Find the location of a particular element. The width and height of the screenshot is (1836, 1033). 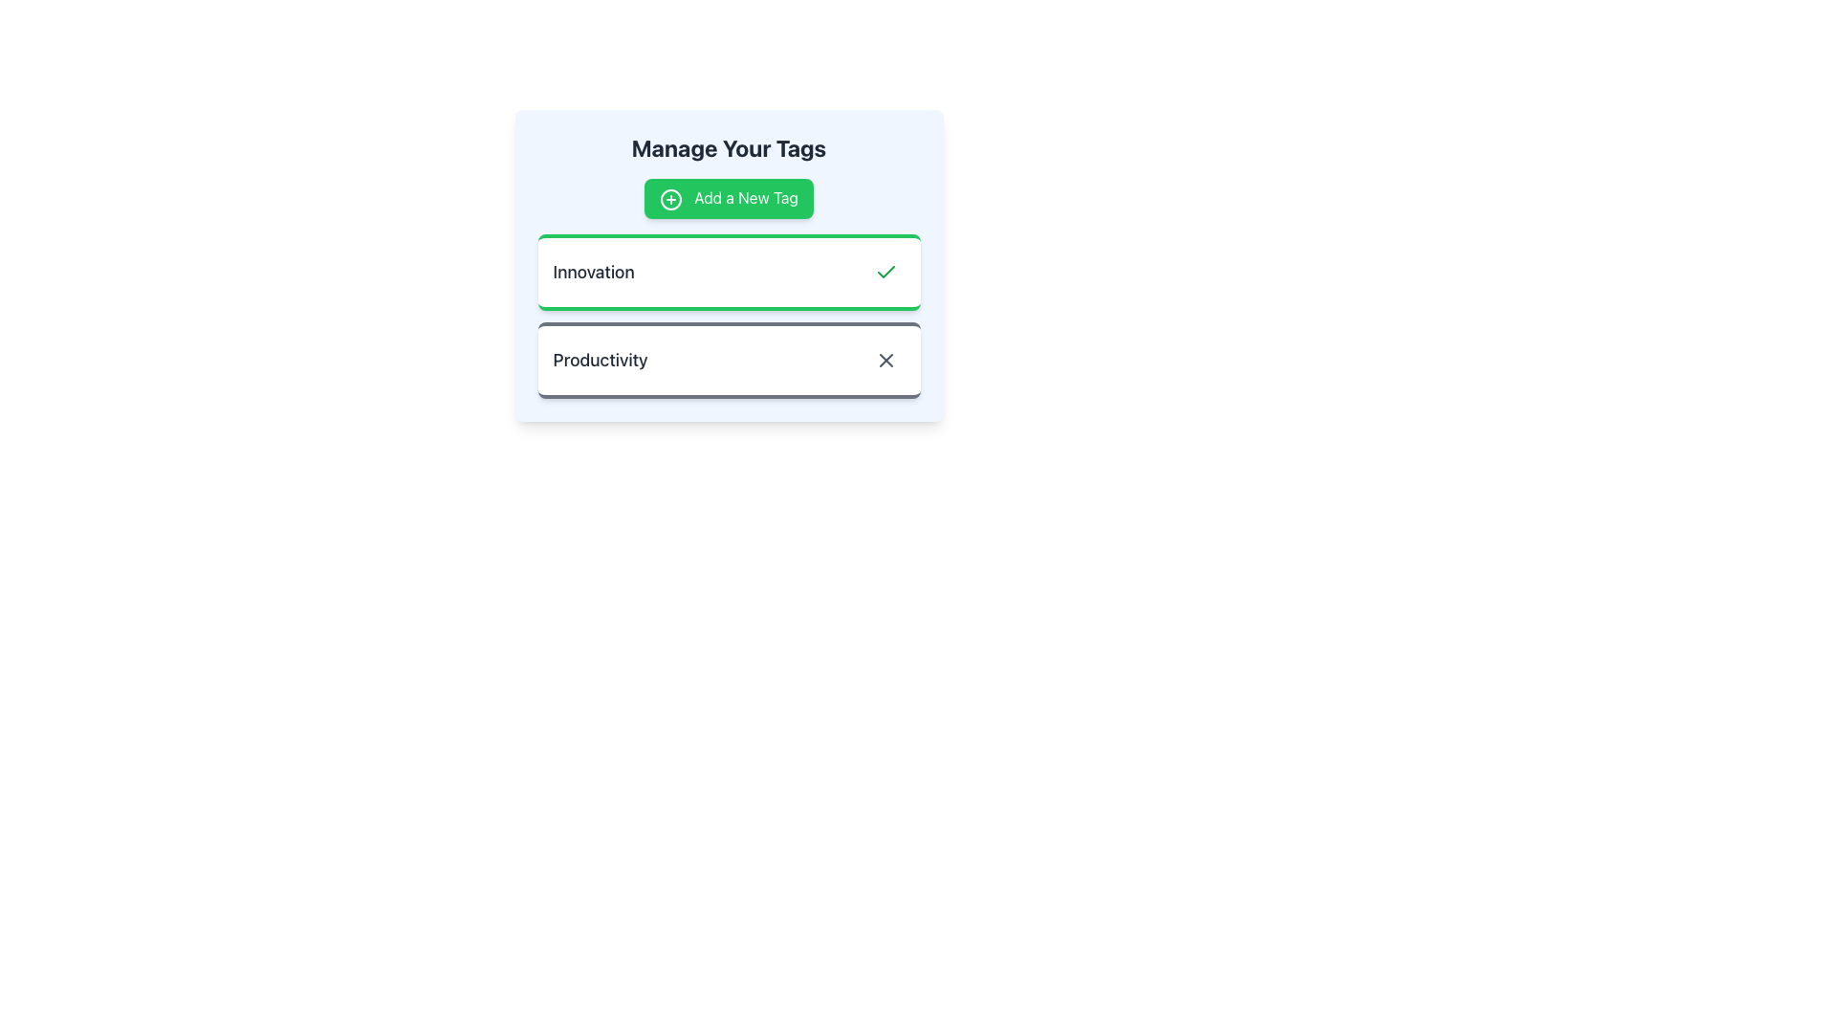

the green button labeled 'Add a New Tag' is located at coordinates (728, 198).